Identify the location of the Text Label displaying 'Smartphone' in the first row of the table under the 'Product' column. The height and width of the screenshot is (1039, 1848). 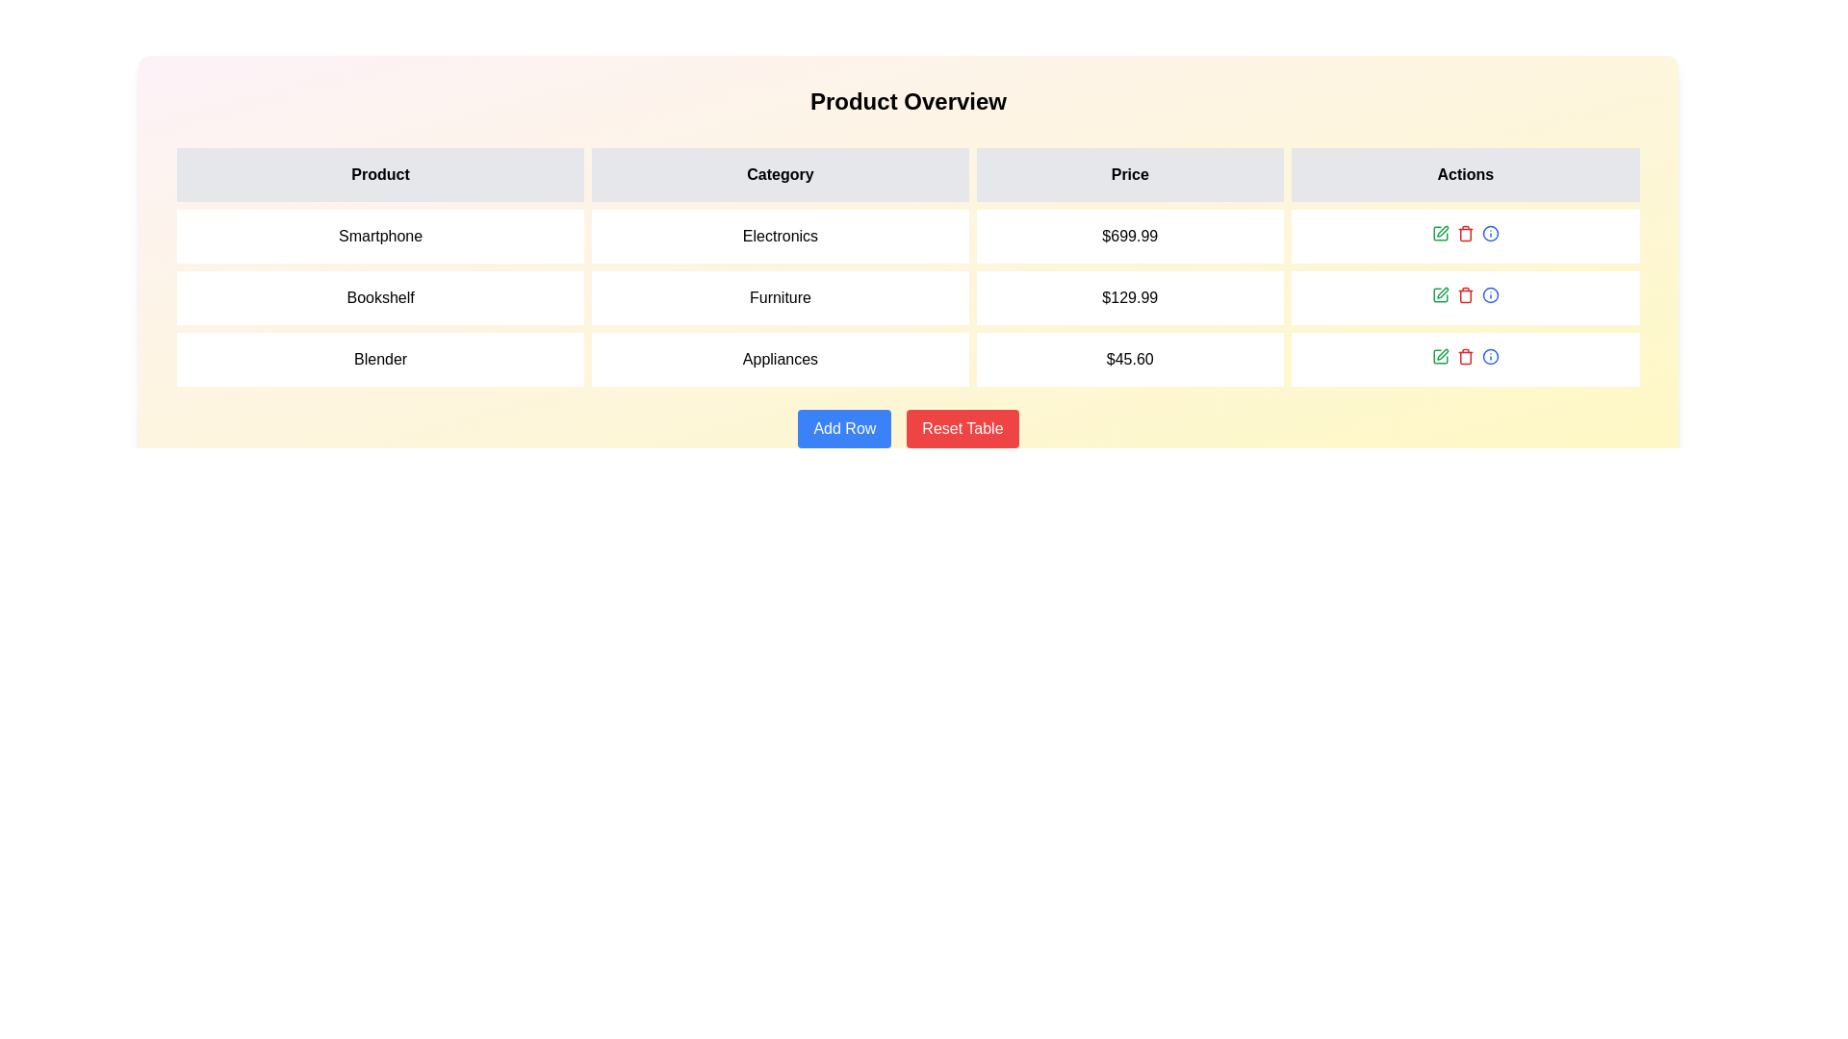
(380, 236).